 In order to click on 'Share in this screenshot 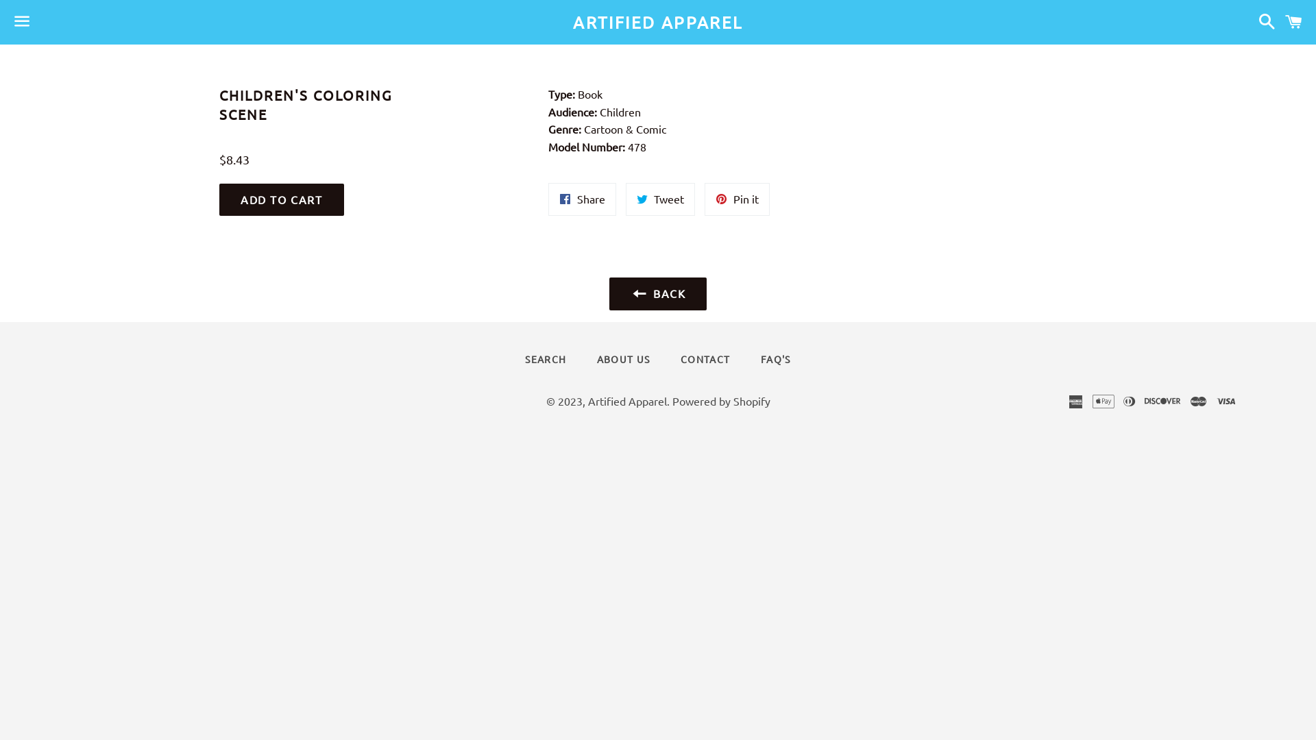, I will do `click(582, 199)`.